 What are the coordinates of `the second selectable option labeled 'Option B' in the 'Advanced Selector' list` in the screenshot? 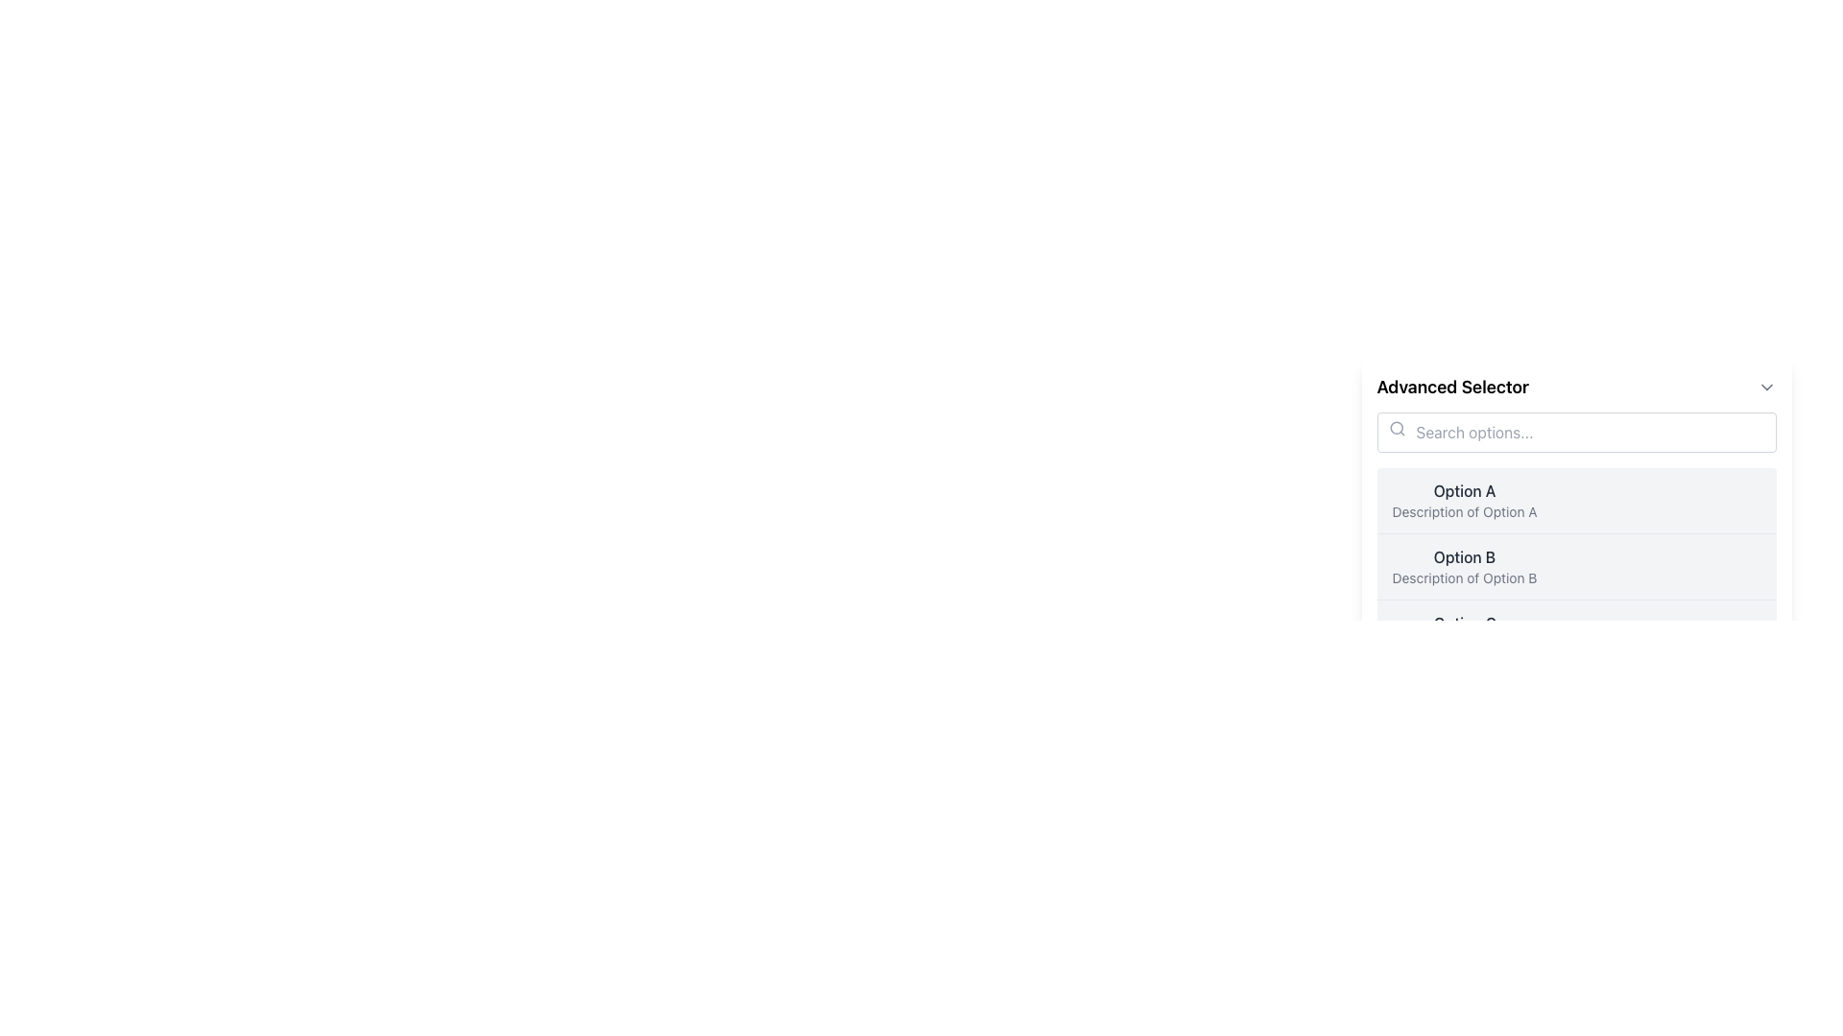 It's located at (1576, 565).